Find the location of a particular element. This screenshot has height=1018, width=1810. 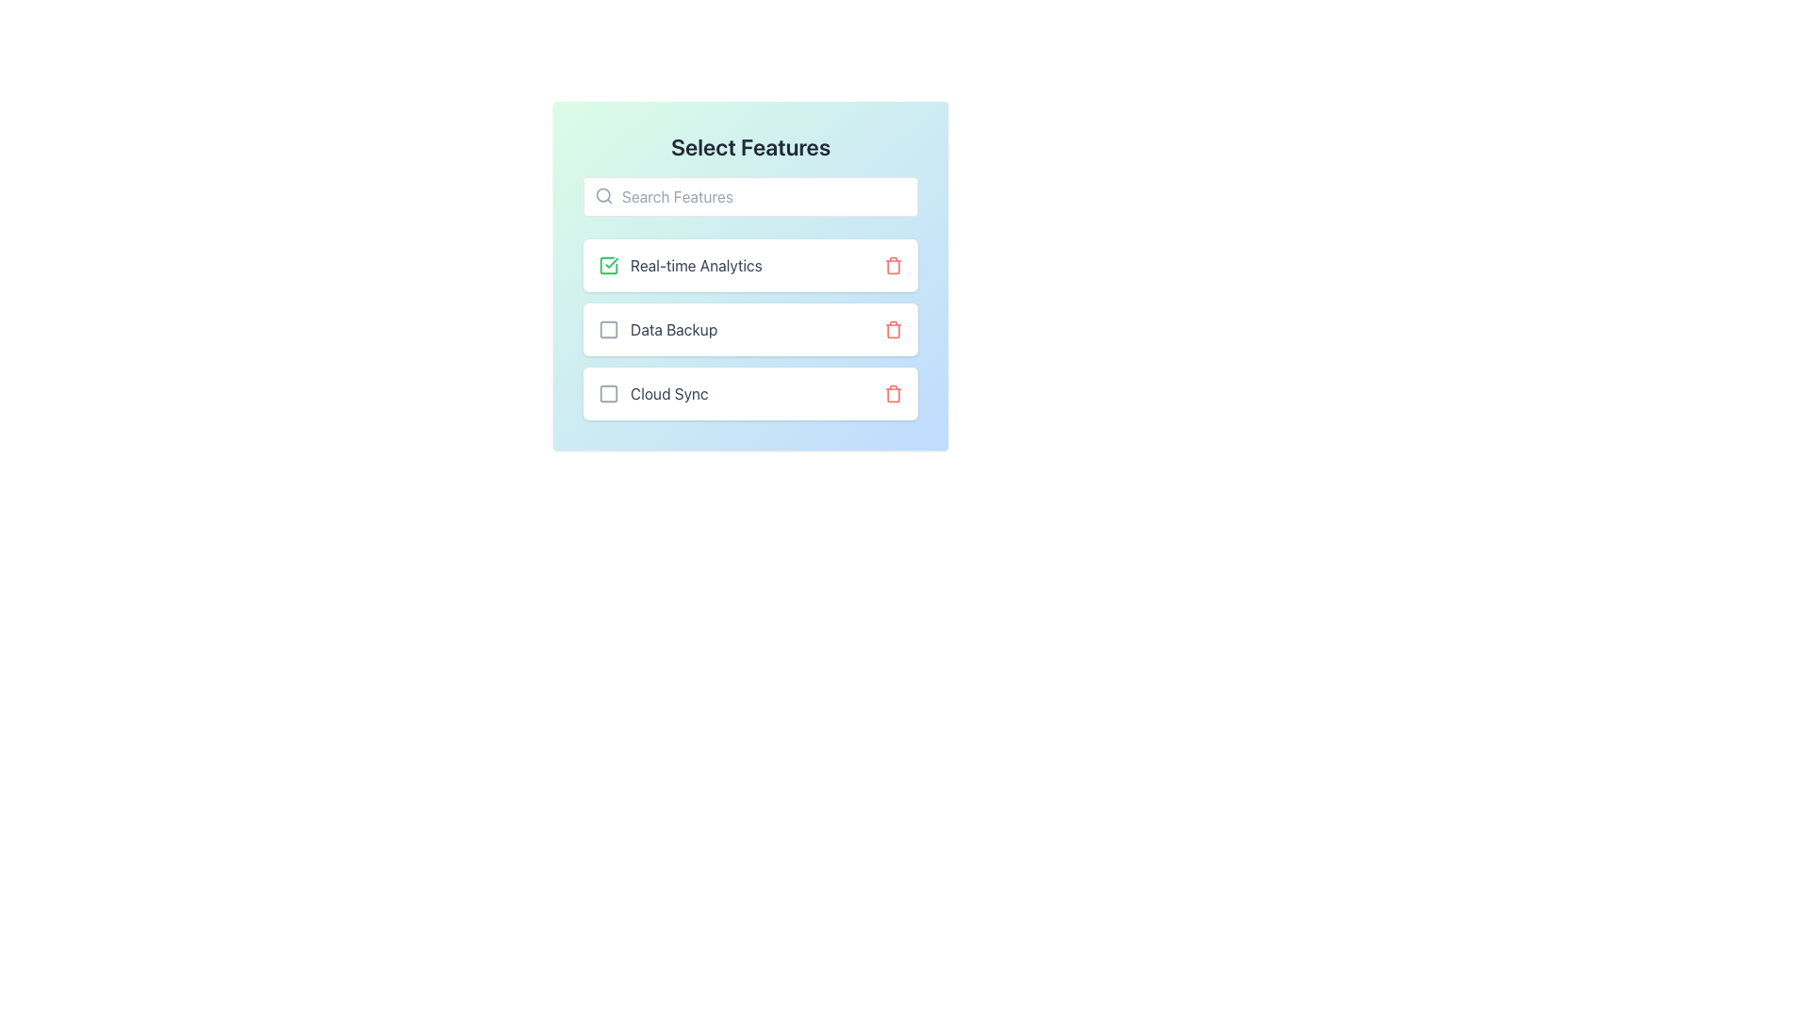

the 'Data Backup' label in the list of selectable features, which is positioned between 'Real-time Analytics' and 'Cloud Sync' is located at coordinates (674, 329).